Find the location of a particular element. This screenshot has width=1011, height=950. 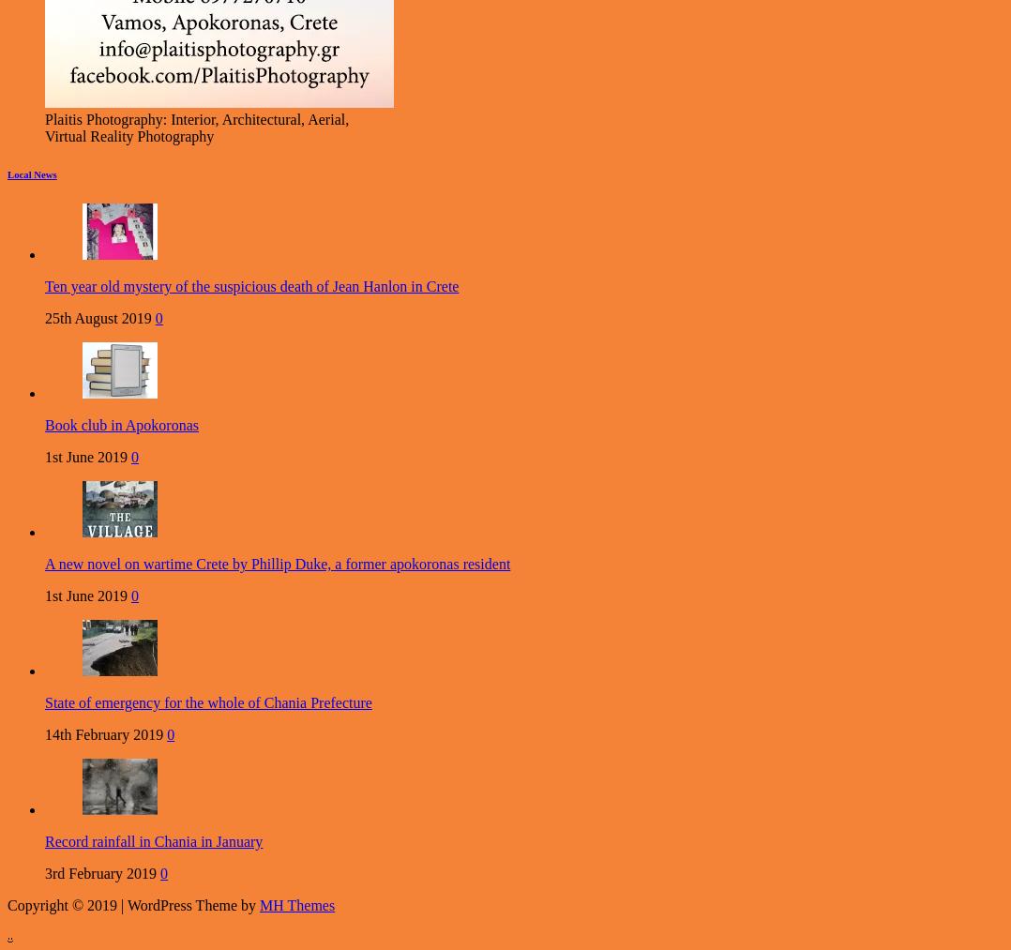

'Book club in Apokoronas' is located at coordinates (122, 424).